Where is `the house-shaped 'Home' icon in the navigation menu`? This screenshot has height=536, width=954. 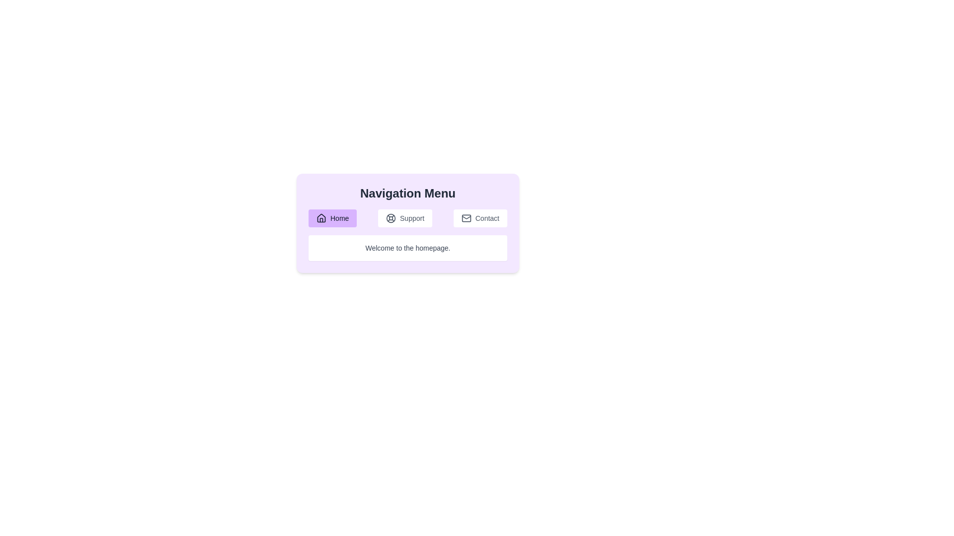
the house-shaped 'Home' icon in the navigation menu is located at coordinates (321, 217).